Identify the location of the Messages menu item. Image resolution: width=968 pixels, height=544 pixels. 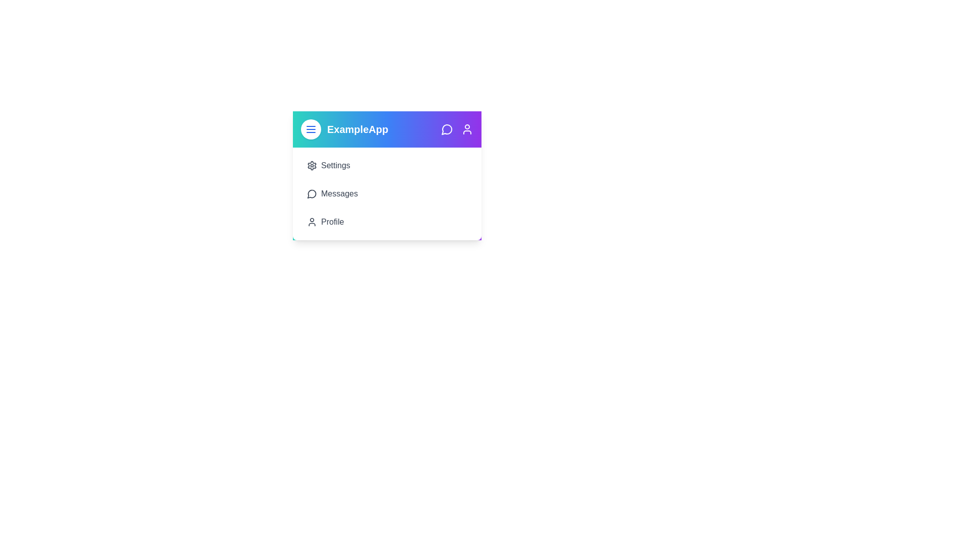
(387, 194).